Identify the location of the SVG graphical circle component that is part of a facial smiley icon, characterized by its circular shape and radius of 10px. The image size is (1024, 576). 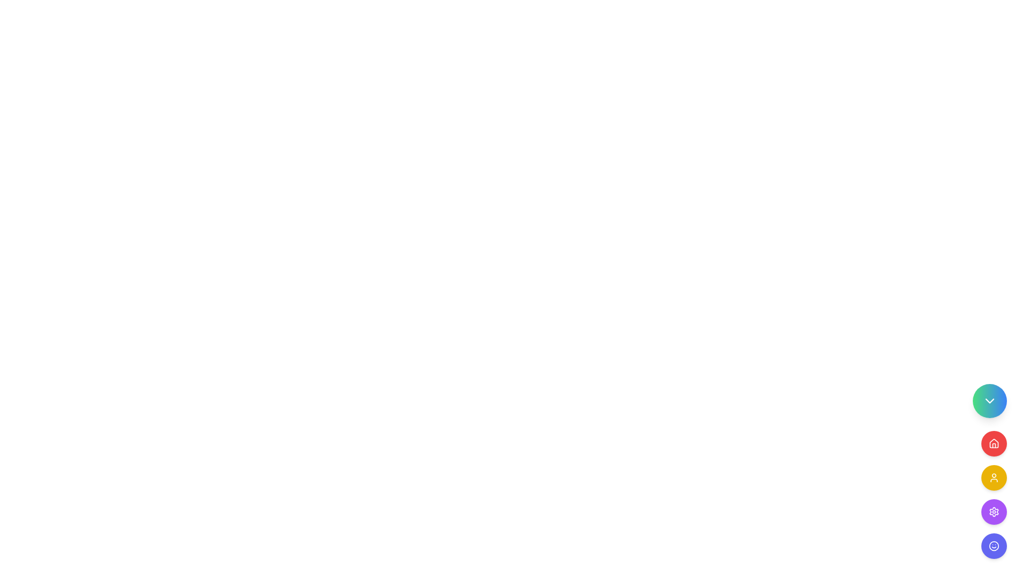
(993, 546).